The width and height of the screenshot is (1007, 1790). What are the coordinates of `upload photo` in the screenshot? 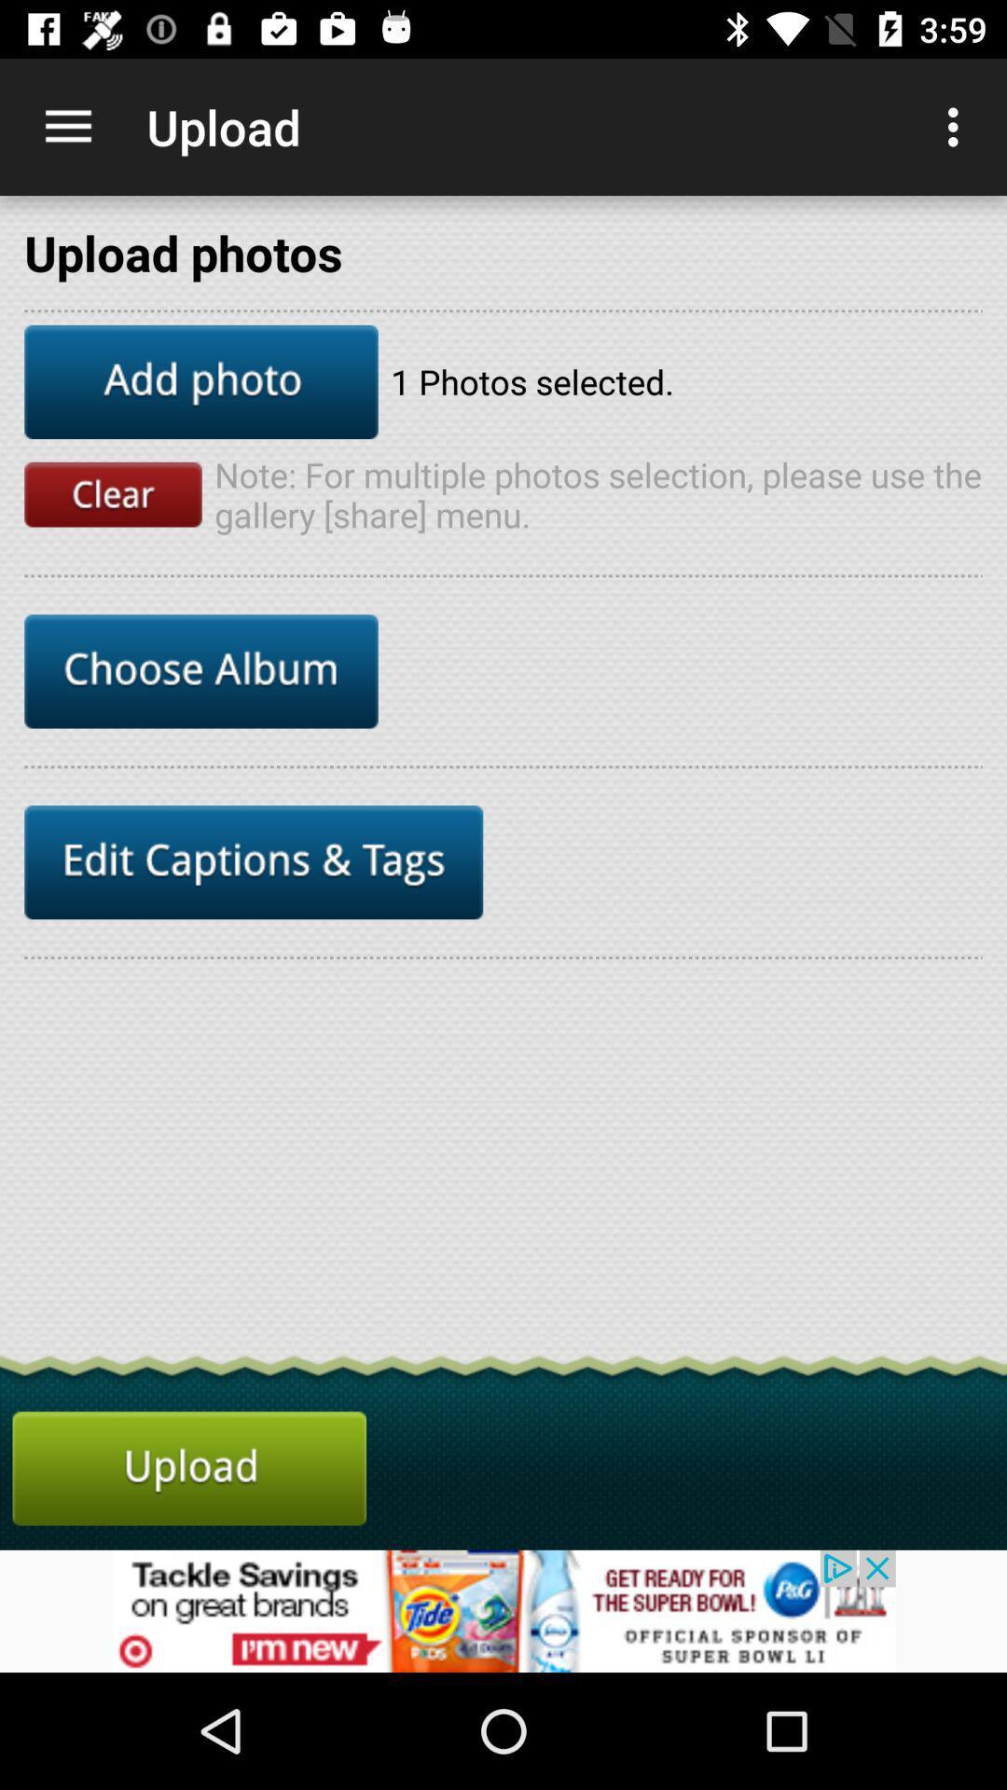 It's located at (201, 380).